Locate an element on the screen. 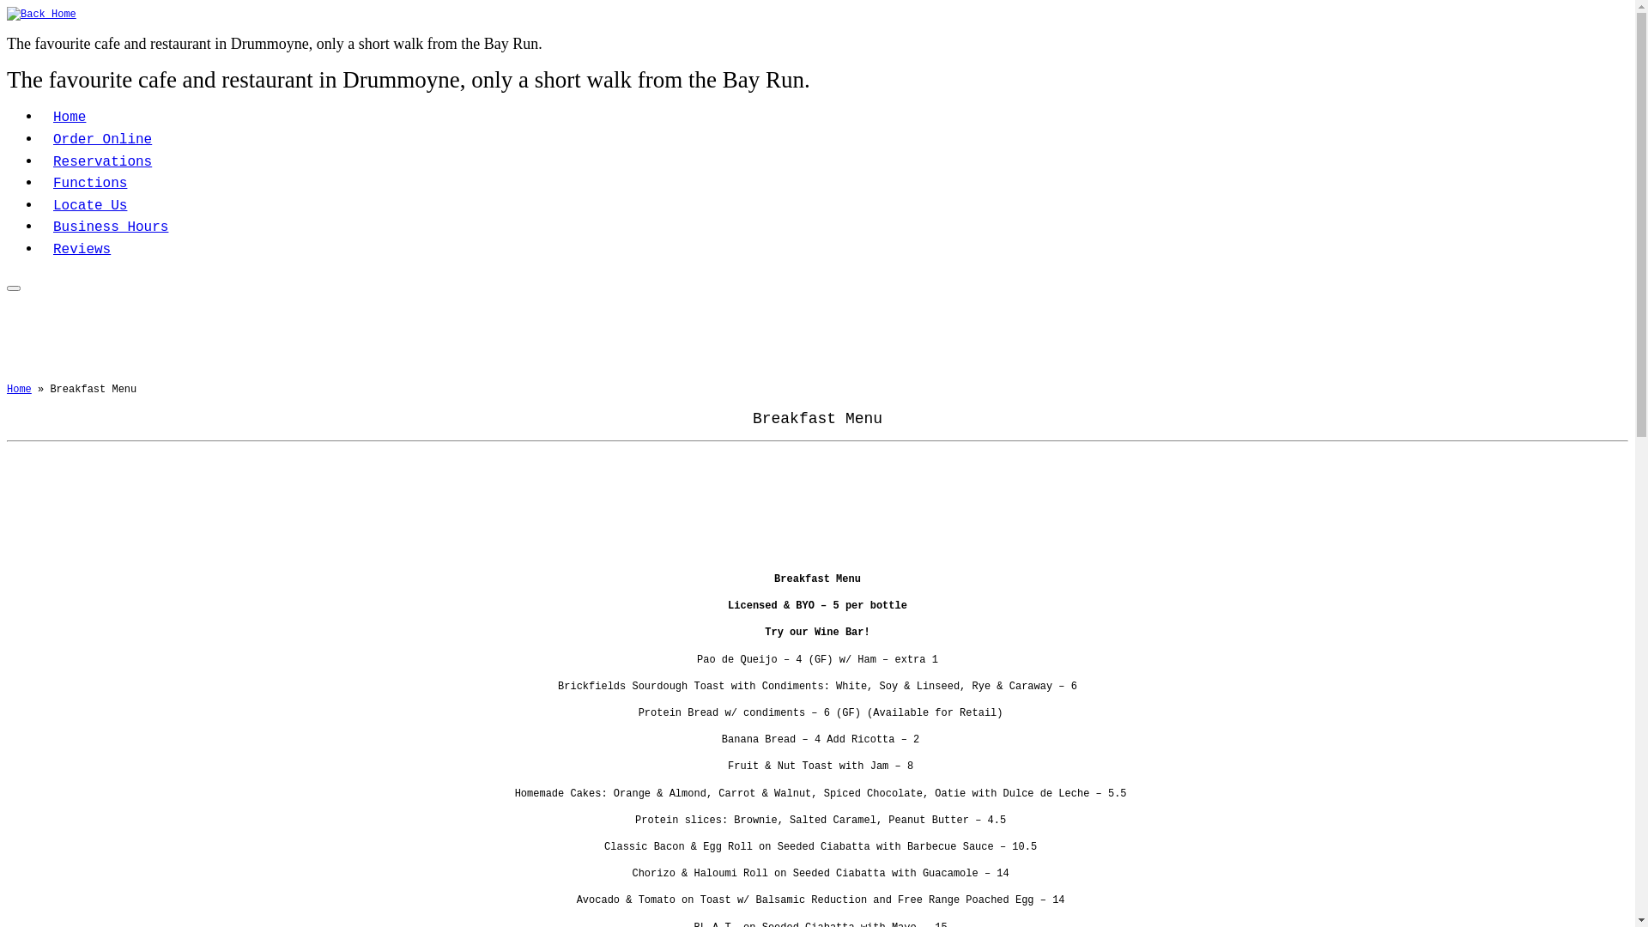  'Business Hours' is located at coordinates (110, 227).